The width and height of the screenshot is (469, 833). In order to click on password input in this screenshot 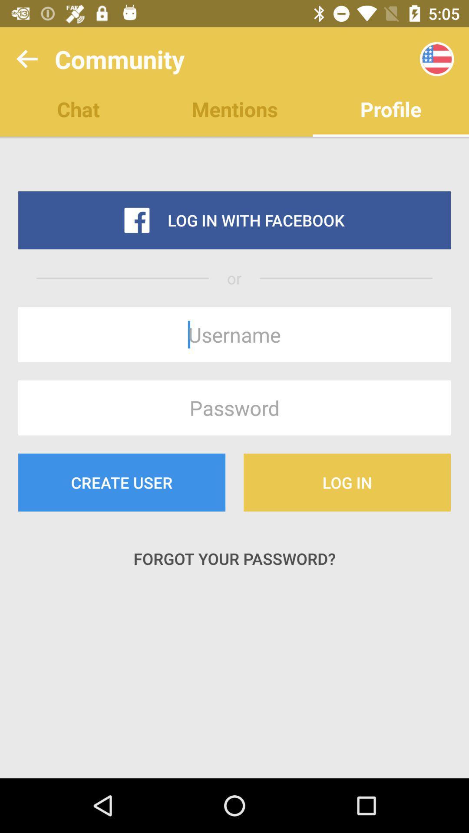, I will do `click(234, 407)`.